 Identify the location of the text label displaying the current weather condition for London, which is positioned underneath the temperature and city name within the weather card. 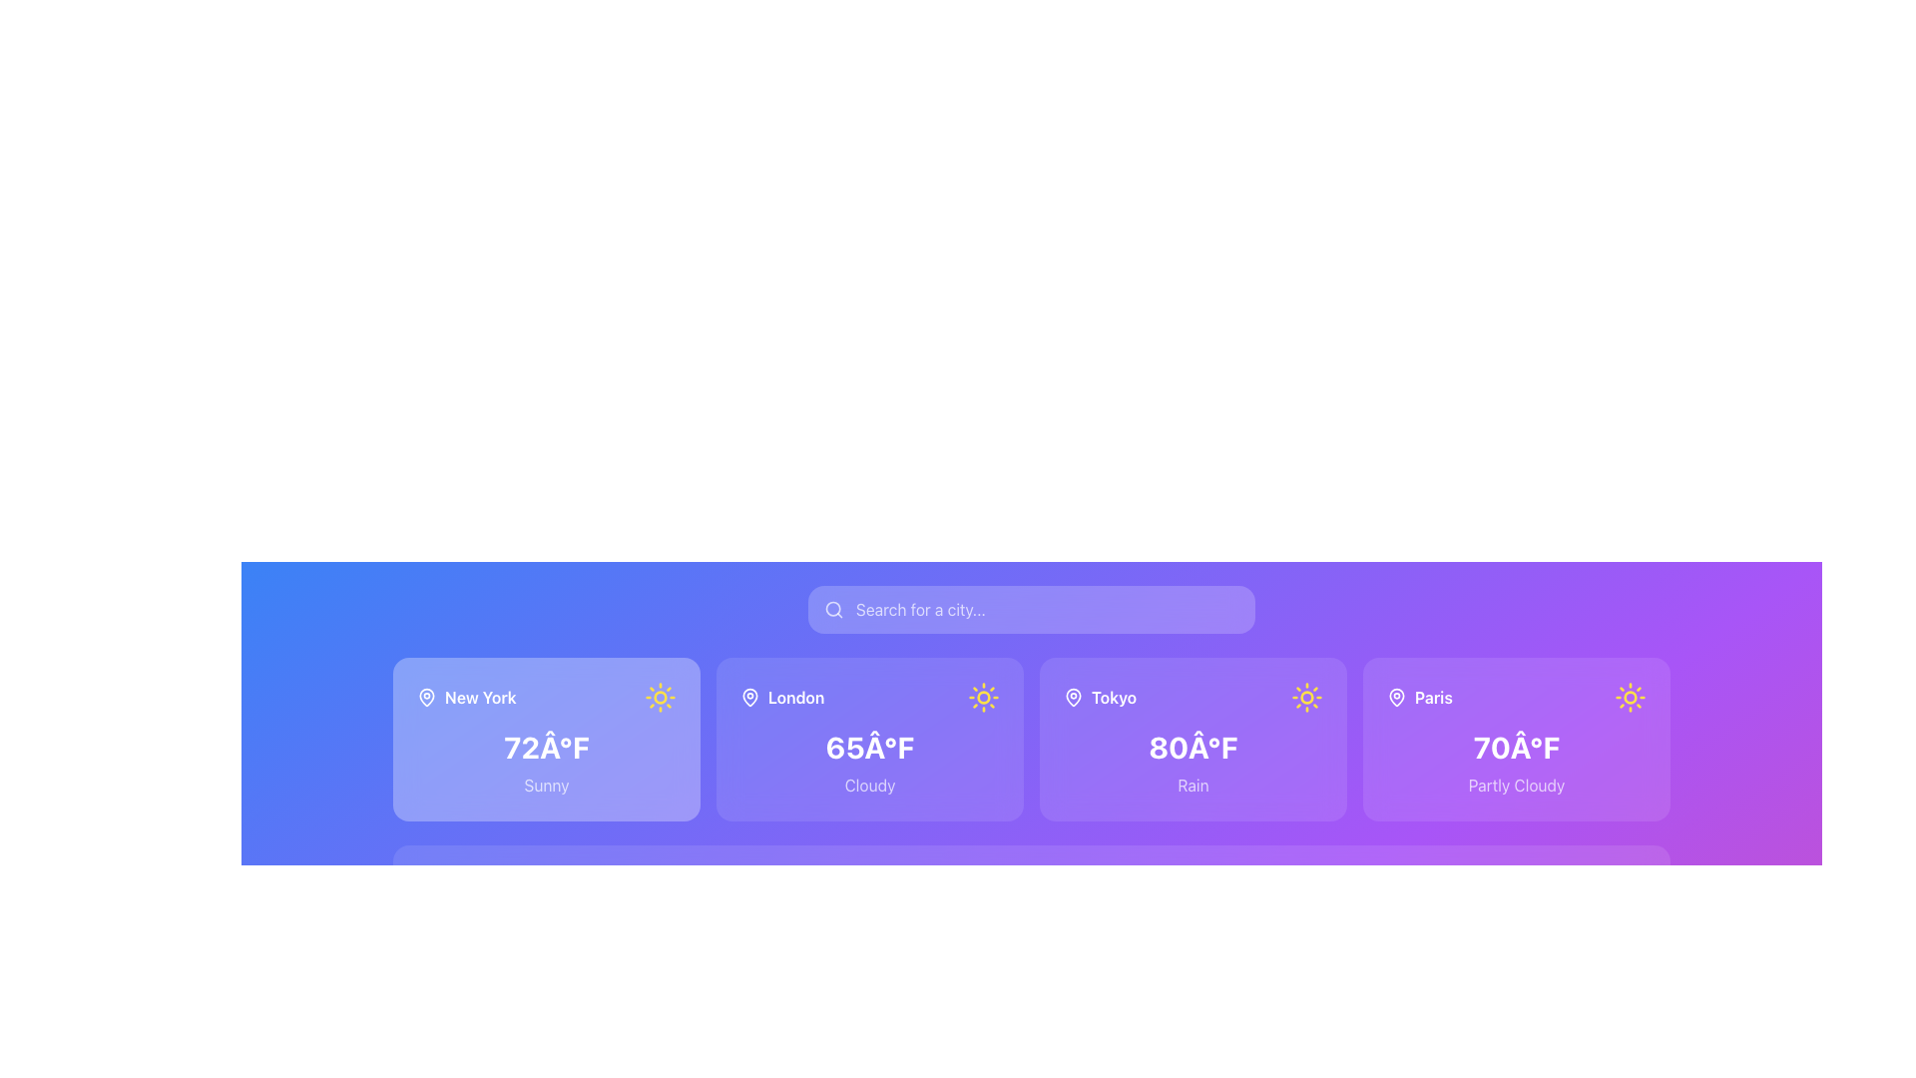
(870, 784).